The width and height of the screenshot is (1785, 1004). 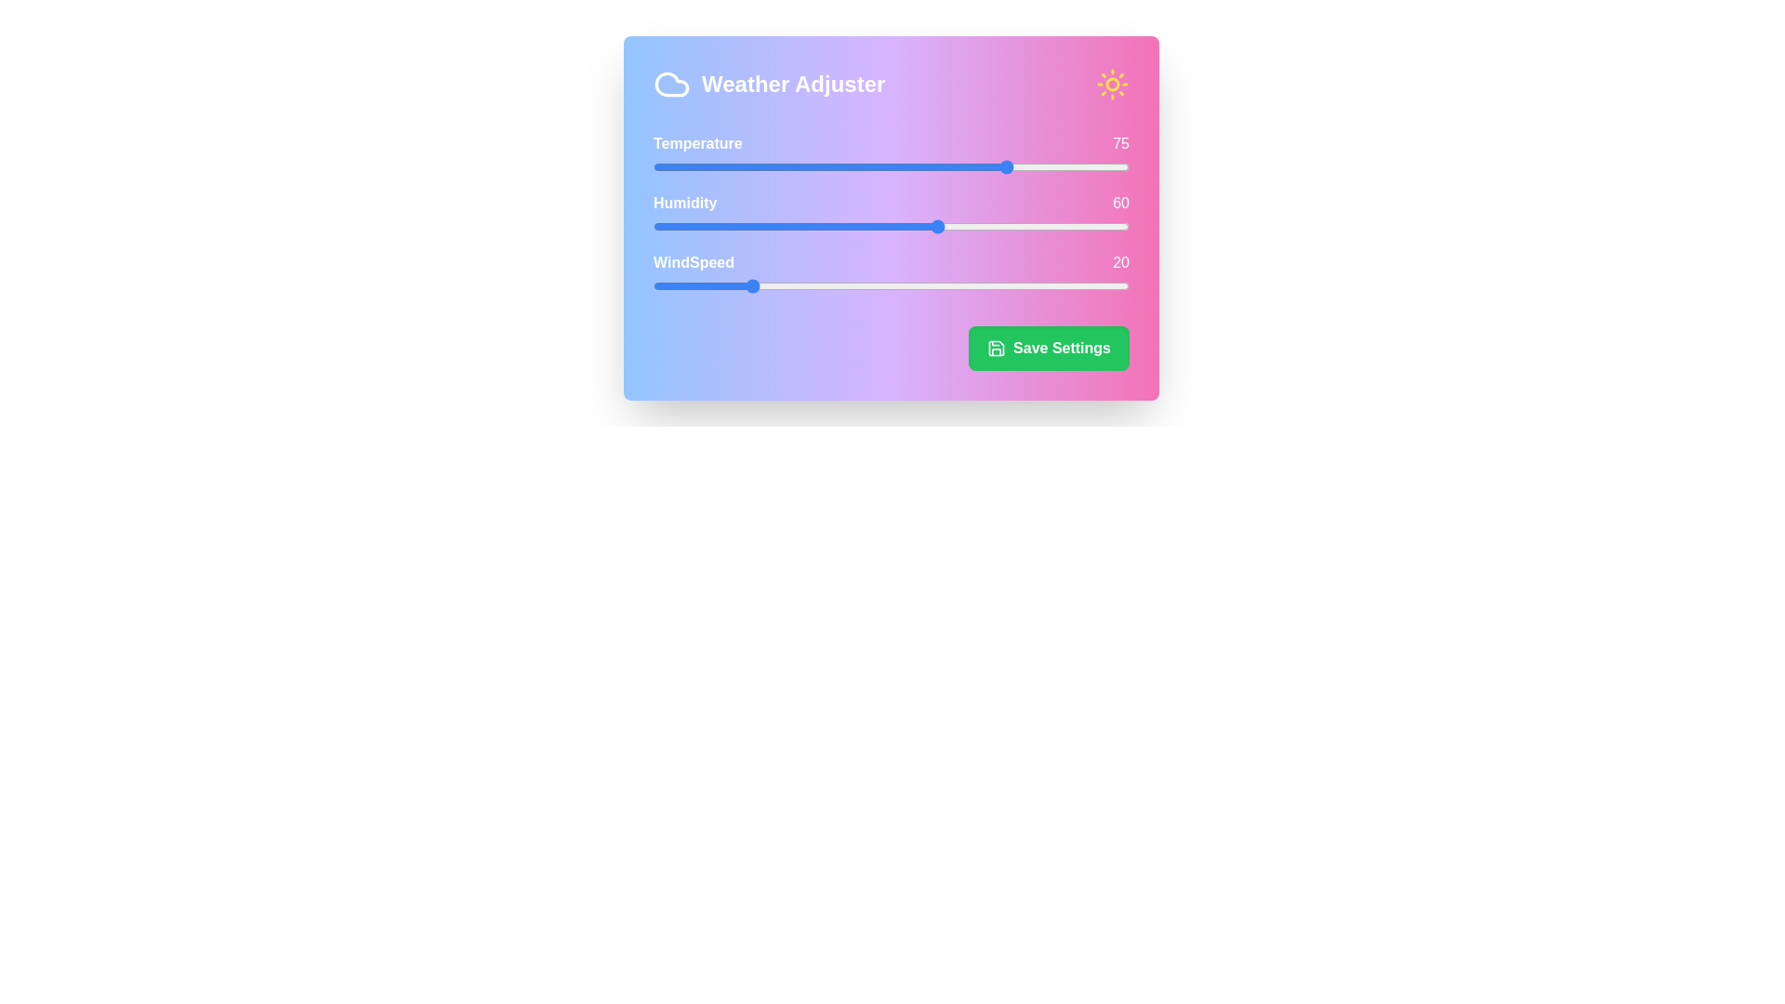 I want to click on the humidity value, so click(x=876, y=225).